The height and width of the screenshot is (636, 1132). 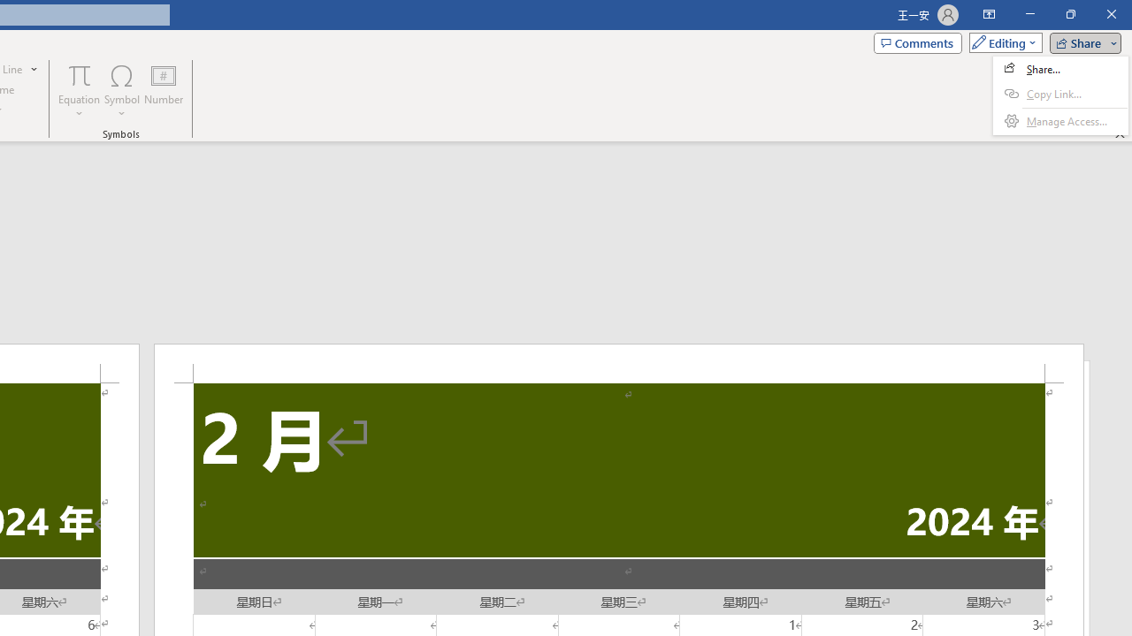 I want to click on 'Number...', so click(x=164, y=91).